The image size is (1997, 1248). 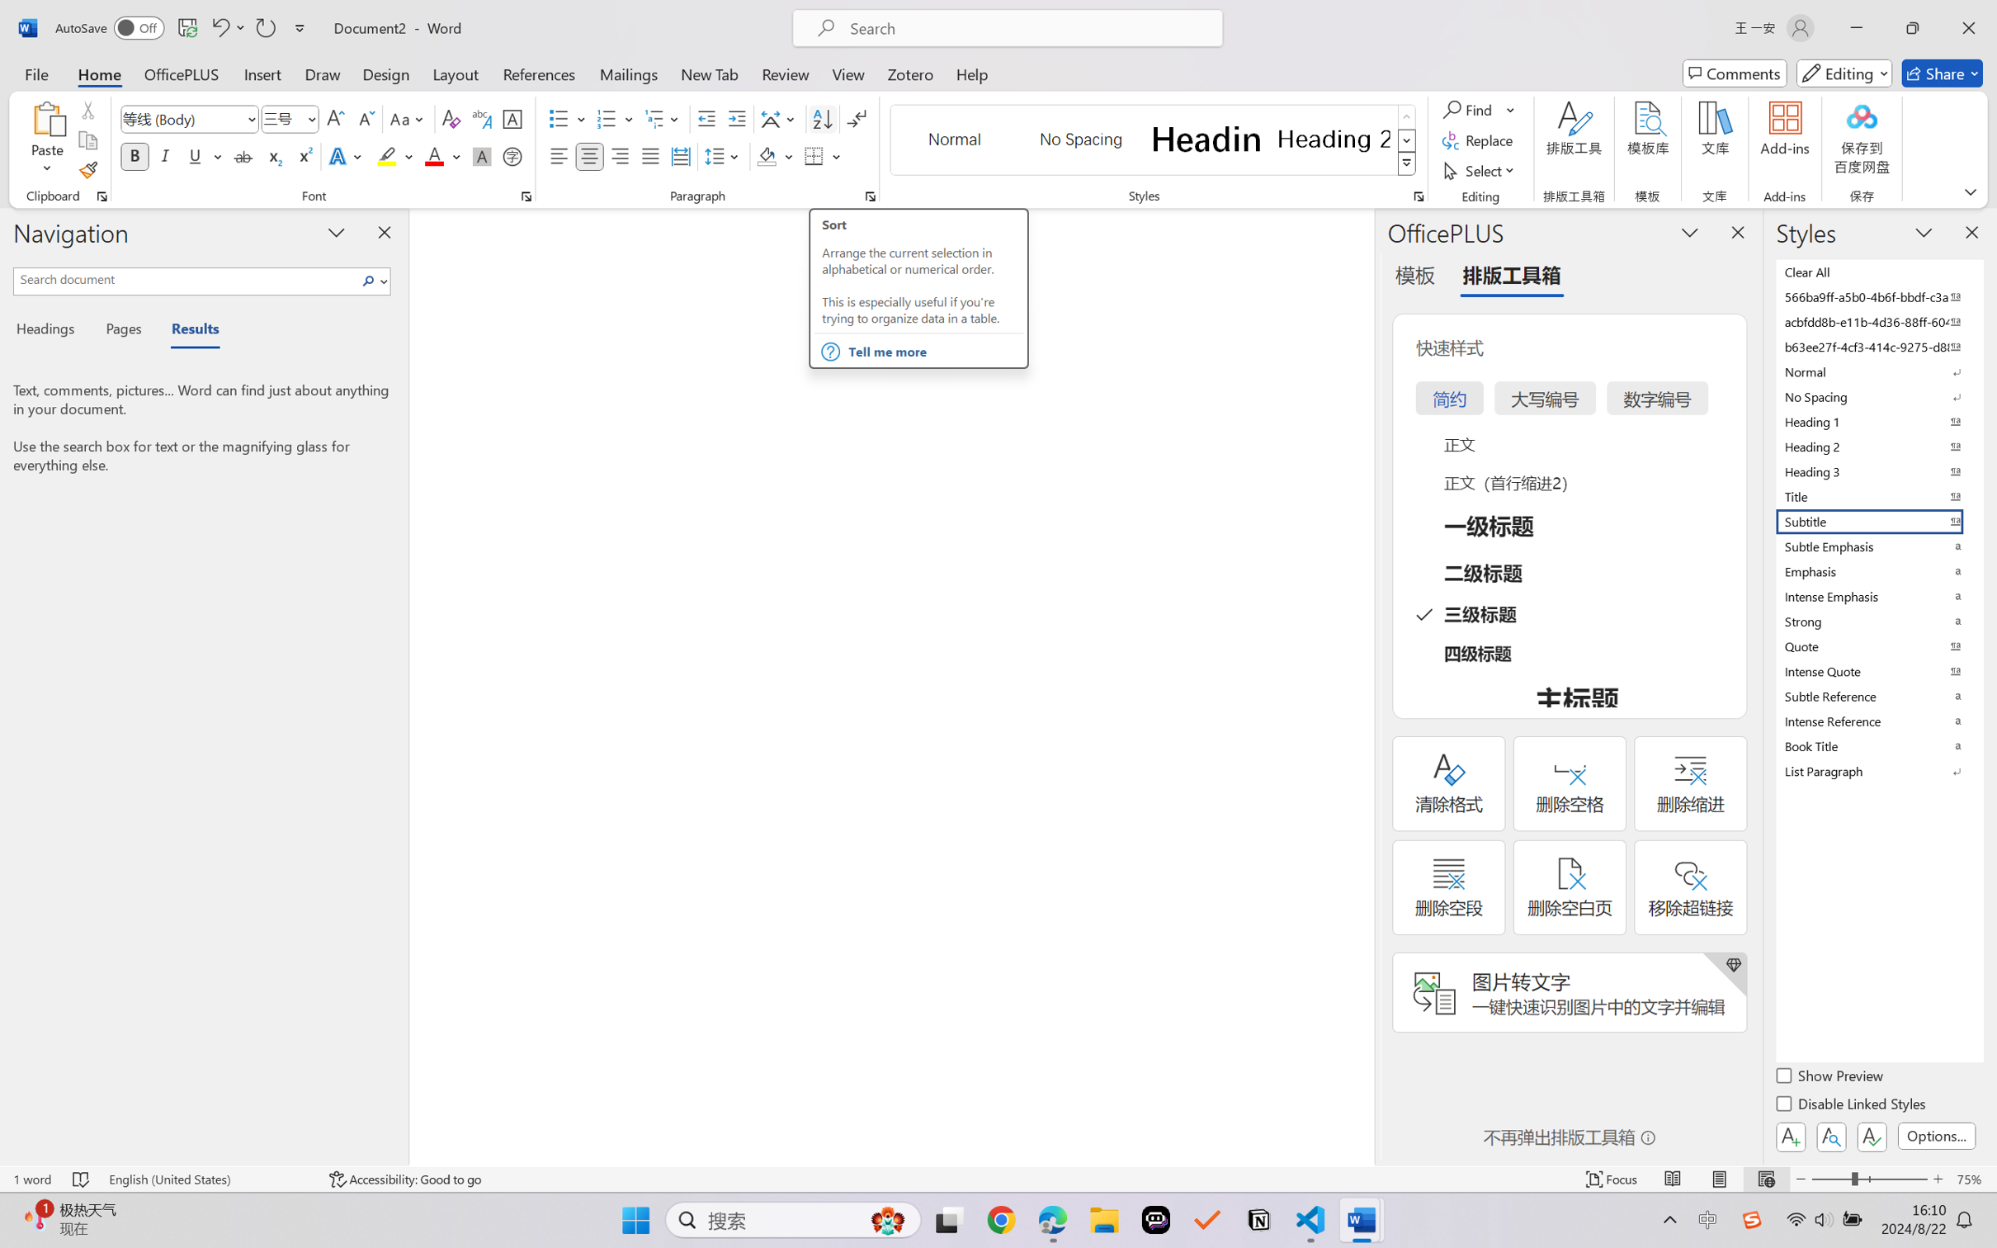 What do you see at coordinates (87, 108) in the screenshot?
I see `'Cut'` at bounding box center [87, 108].